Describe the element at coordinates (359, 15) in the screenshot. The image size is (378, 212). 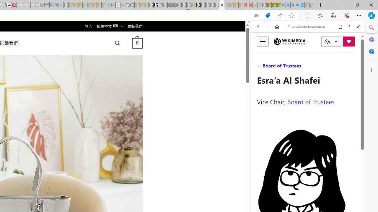
I see `'Settings and more (Alt+F)'` at that location.